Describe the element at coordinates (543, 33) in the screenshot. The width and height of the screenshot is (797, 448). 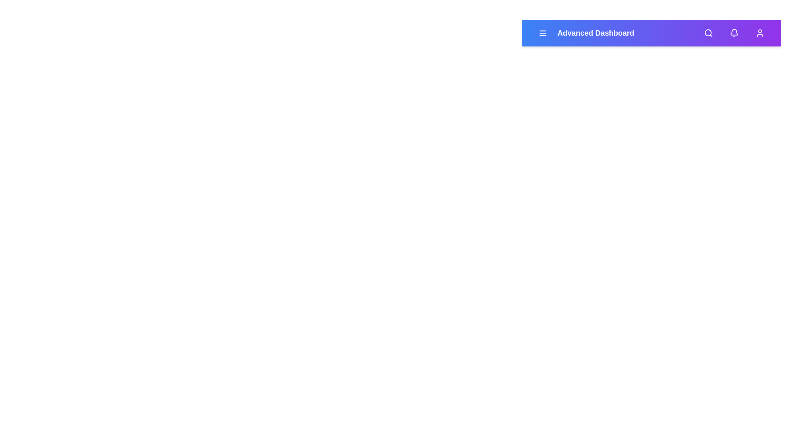
I see `menu button to toggle the navigation drawer` at that location.